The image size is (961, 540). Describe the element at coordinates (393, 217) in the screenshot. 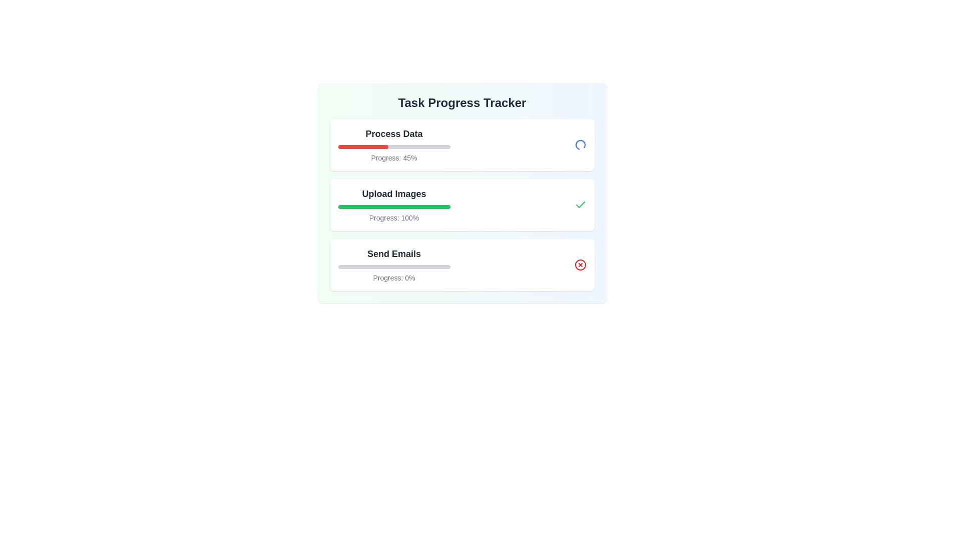

I see `the static text label displaying 'Progress: 100%' located beneath the green progress bar in the 'Upload Images' section` at that location.